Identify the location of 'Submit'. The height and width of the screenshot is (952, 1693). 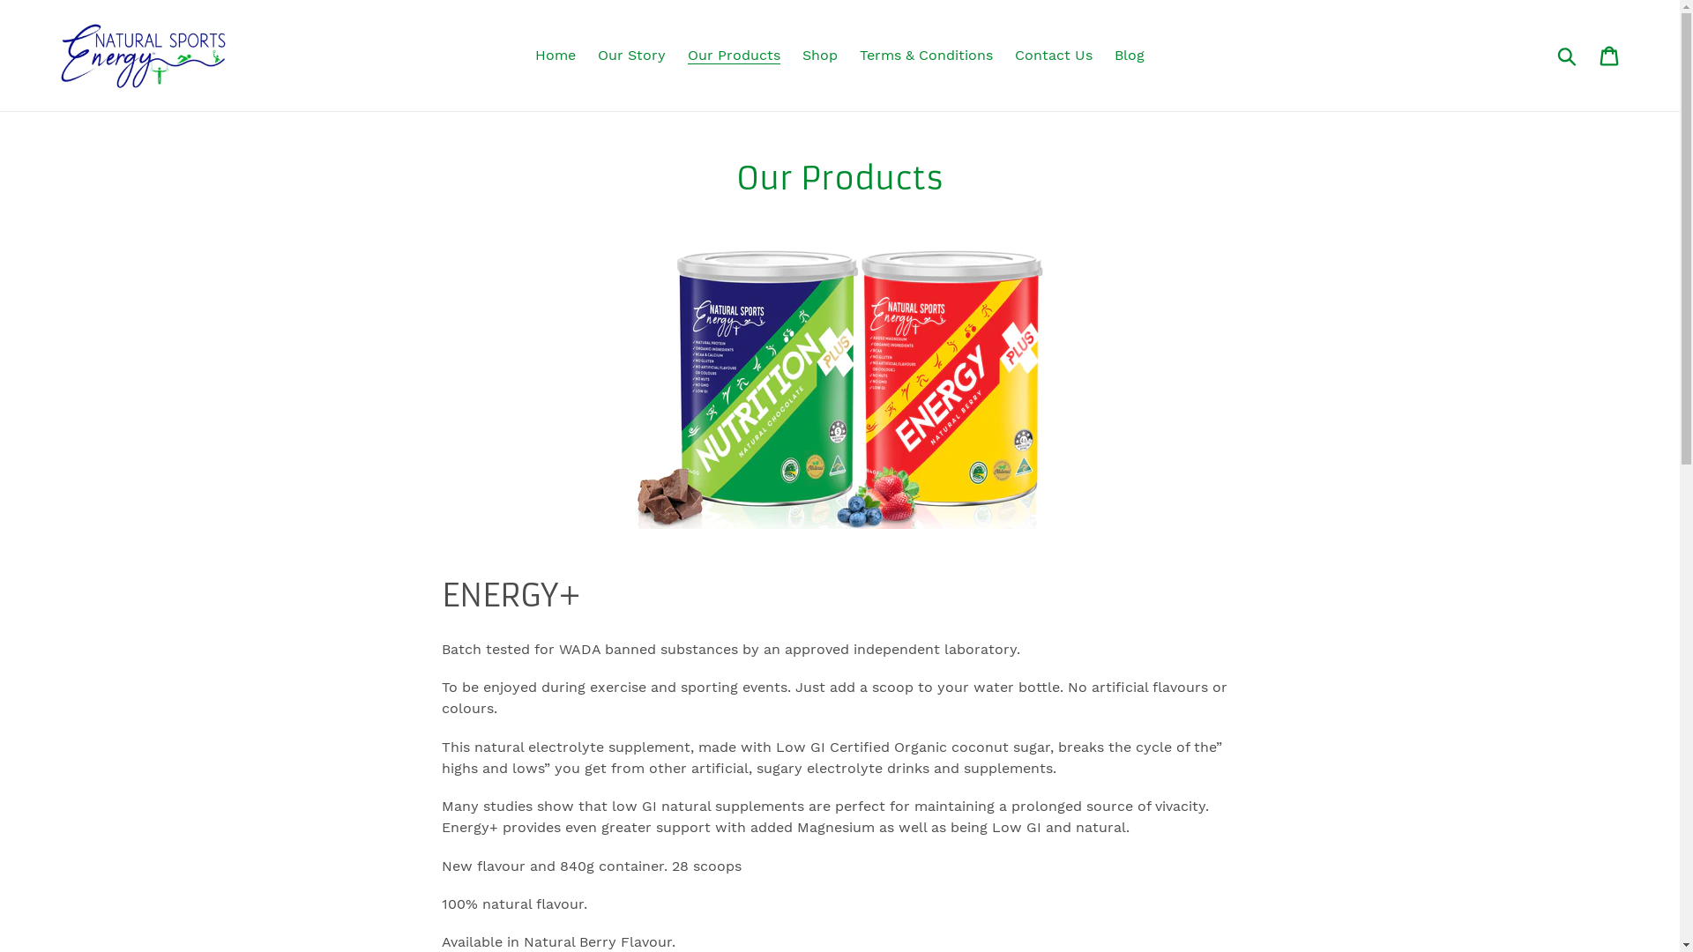
(1545, 54).